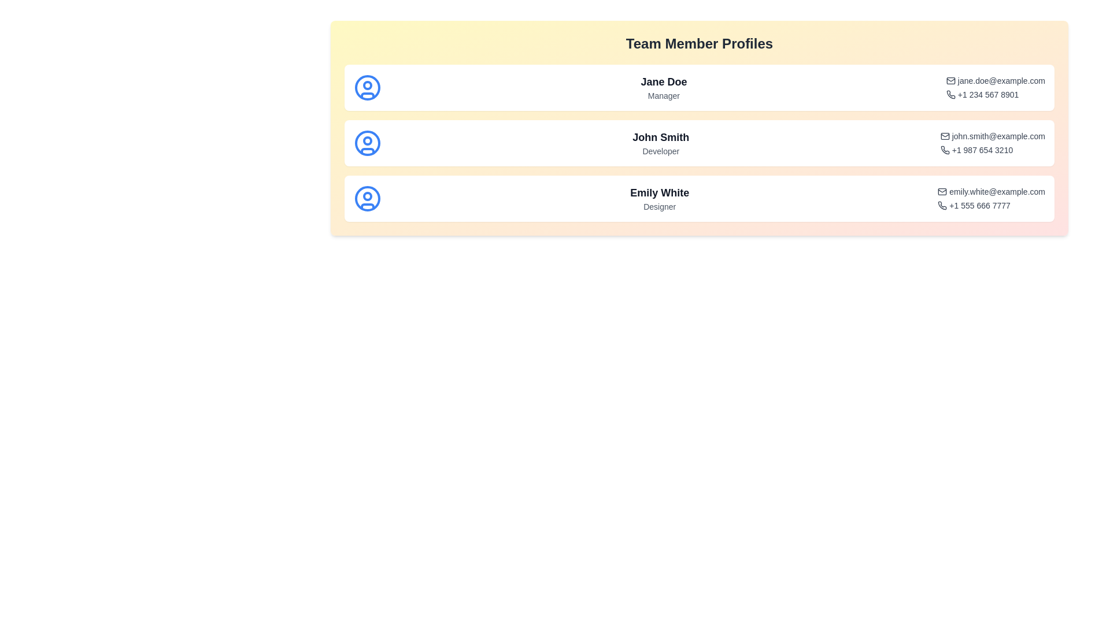  Describe the element at coordinates (698, 198) in the screenshot. I see `the profile of Emily White` at that location.